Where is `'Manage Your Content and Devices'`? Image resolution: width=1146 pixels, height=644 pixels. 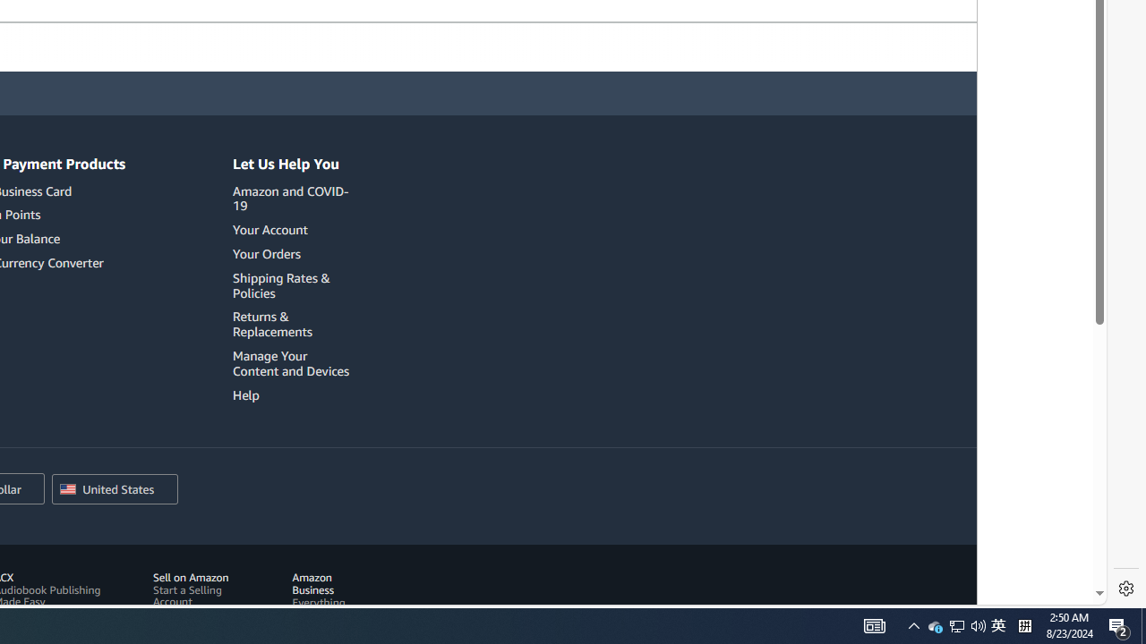
'Manage Your Content and Devices' is located at coordinates (291, 362).